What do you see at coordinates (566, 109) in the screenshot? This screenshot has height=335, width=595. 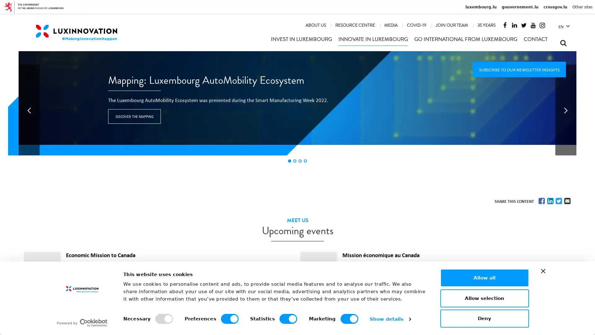 I see `Next` at bounding box center [566, 109].